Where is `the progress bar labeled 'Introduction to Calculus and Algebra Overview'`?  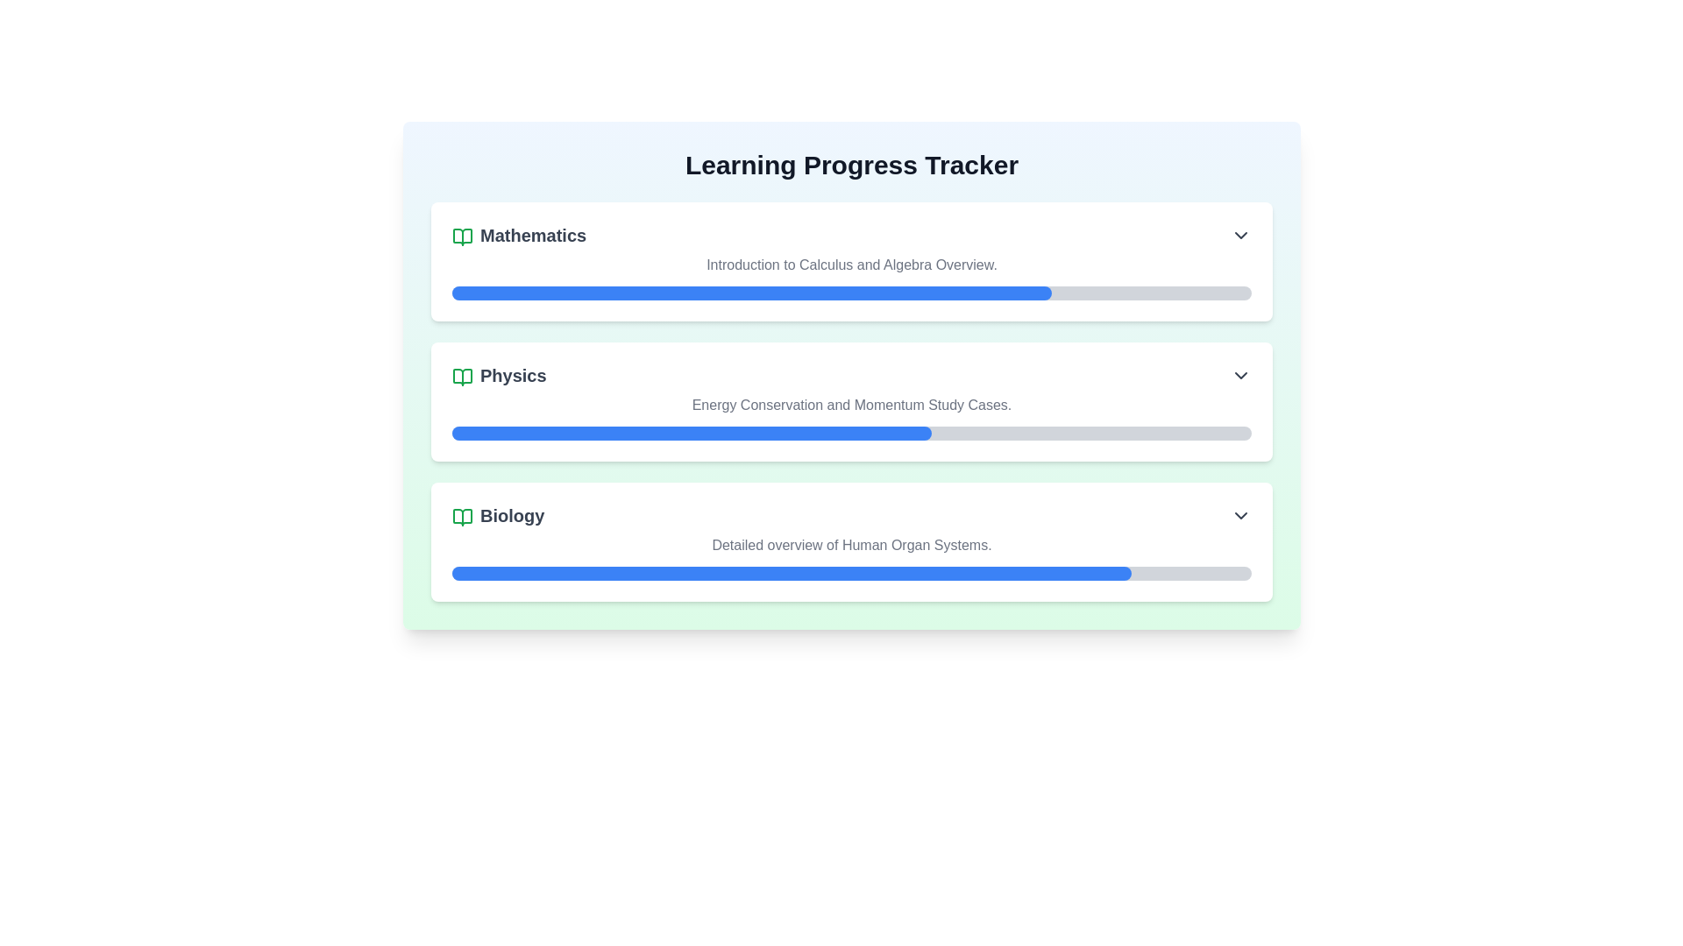
the progress bar labeled 'Introduction to Calculus and Algebra Overview' is located at coordinates (851, 276).